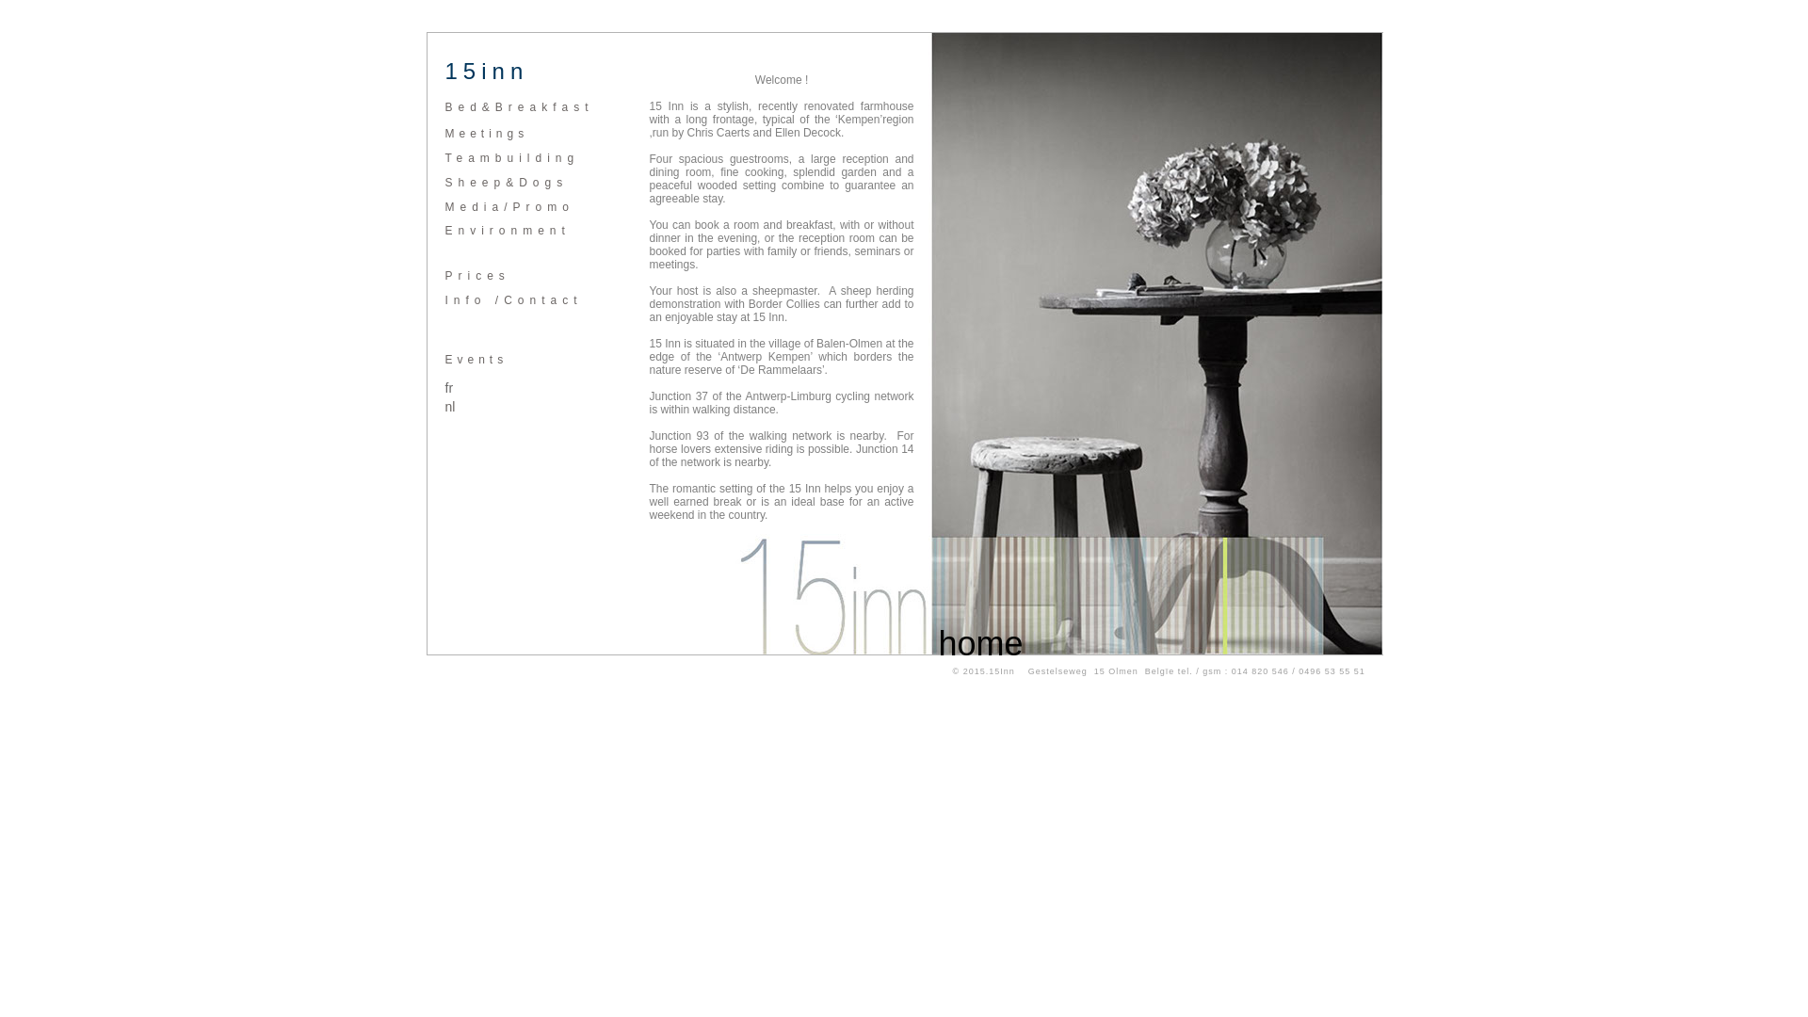 This screenshot has width=1808, height=1017. What do you see at coordinates (476, 276) in the screenshot?
I see `'Prices'` at bounding box center [476, 276].